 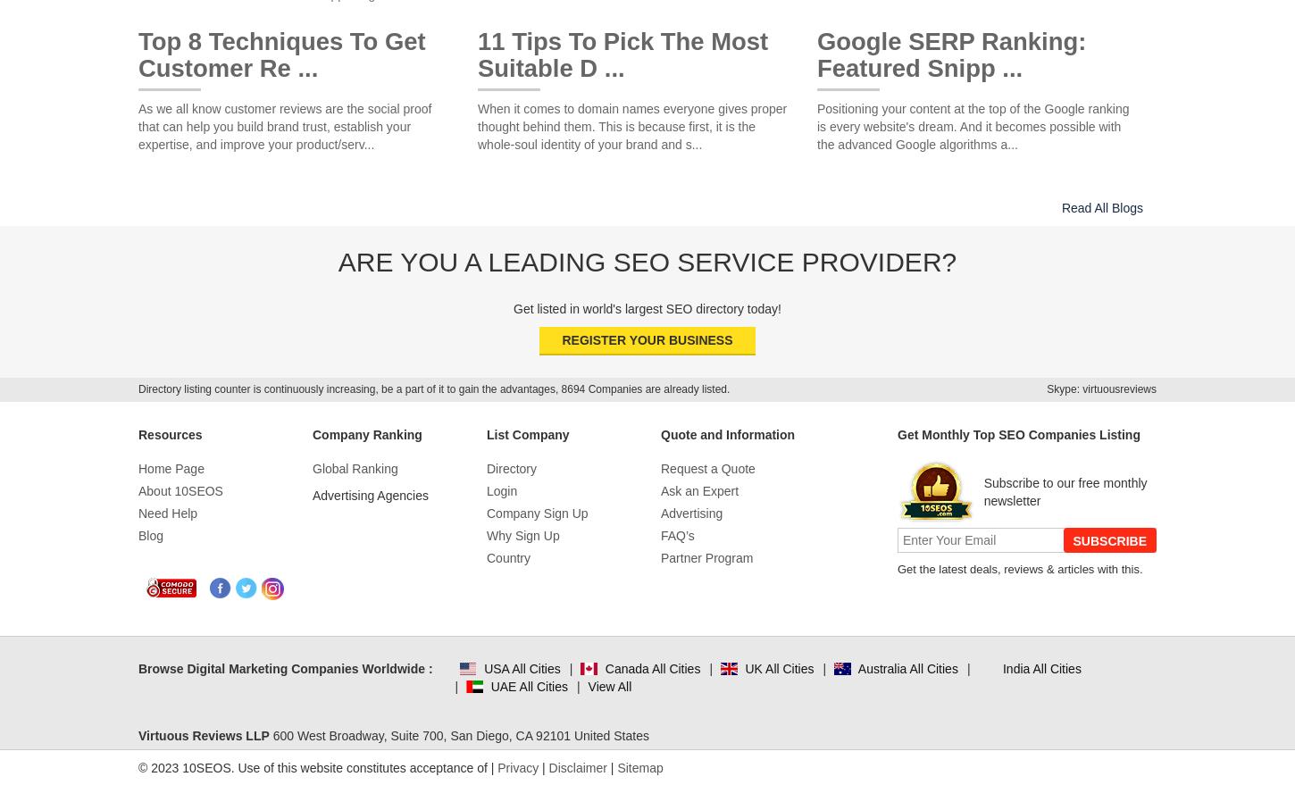 I want to click on 'Subscribe to our free monthly newsletter', so click(x=1064, y=490).